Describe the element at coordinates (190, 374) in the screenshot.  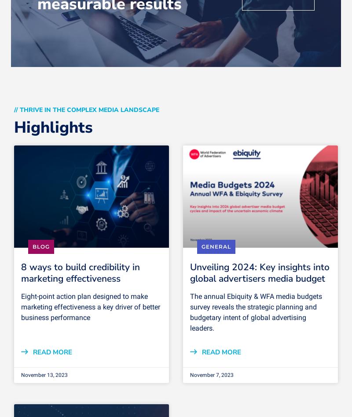
I see `'November 7, 2023'` at that location.